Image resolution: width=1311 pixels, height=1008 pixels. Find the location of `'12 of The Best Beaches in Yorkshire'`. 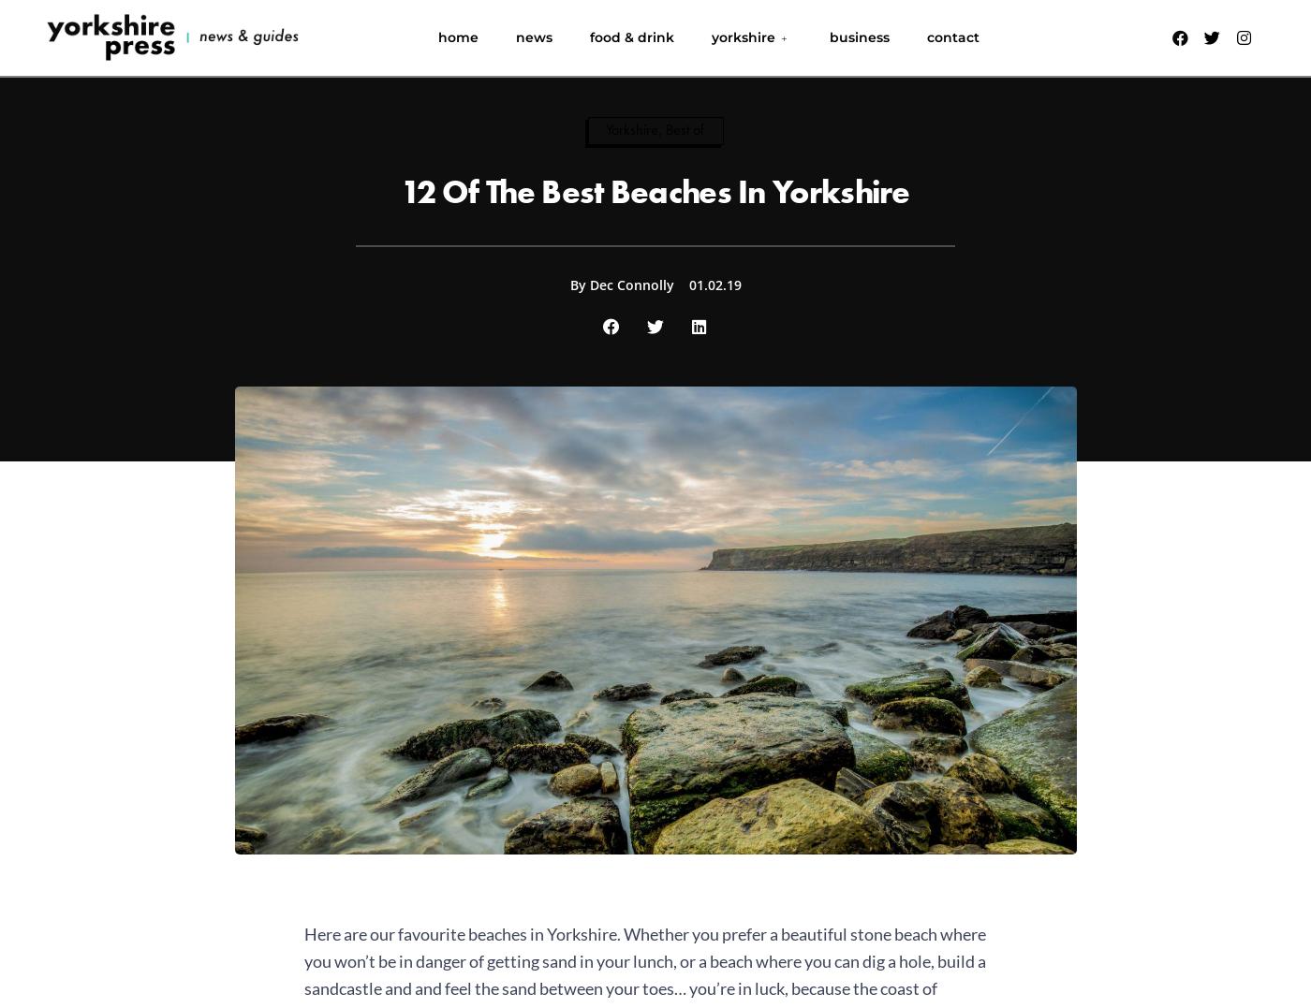

'12 of The Best Beaches in Yorkshire' is located at coordinates (400, 190).